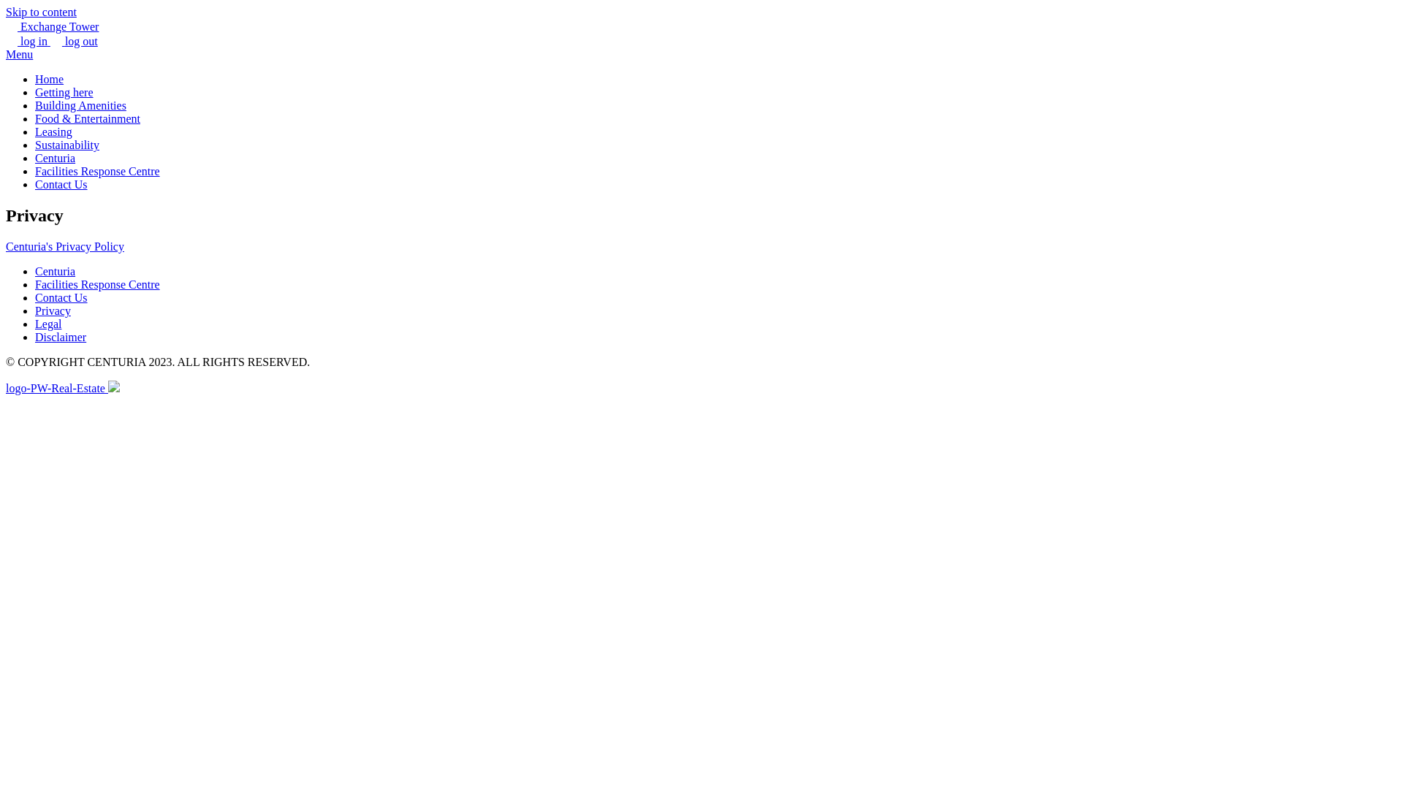  What do you see at coordinates (52, 26) in the screenshot?
I see `'Exchange Tower'` at bounding box center [52, 26].